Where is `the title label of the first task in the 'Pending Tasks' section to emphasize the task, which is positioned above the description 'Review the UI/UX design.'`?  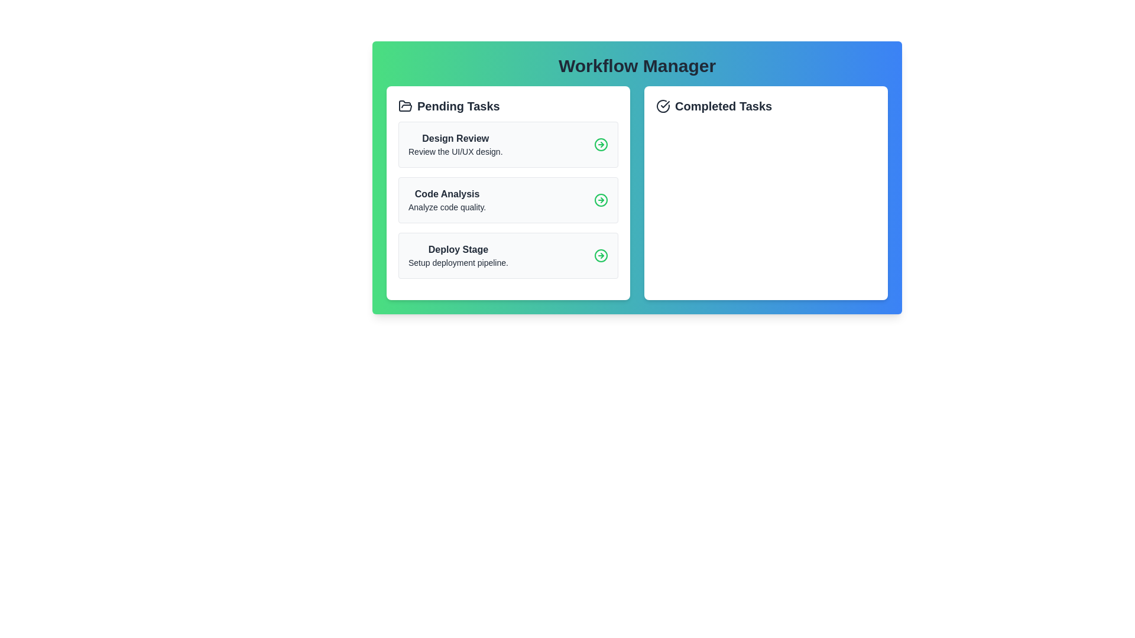 the title label of the first task in the 'Pending Tasks' section to emphasize the task, which is positioned above the description 'Review the UI/UX design.' is located at coordinates (455, 138).